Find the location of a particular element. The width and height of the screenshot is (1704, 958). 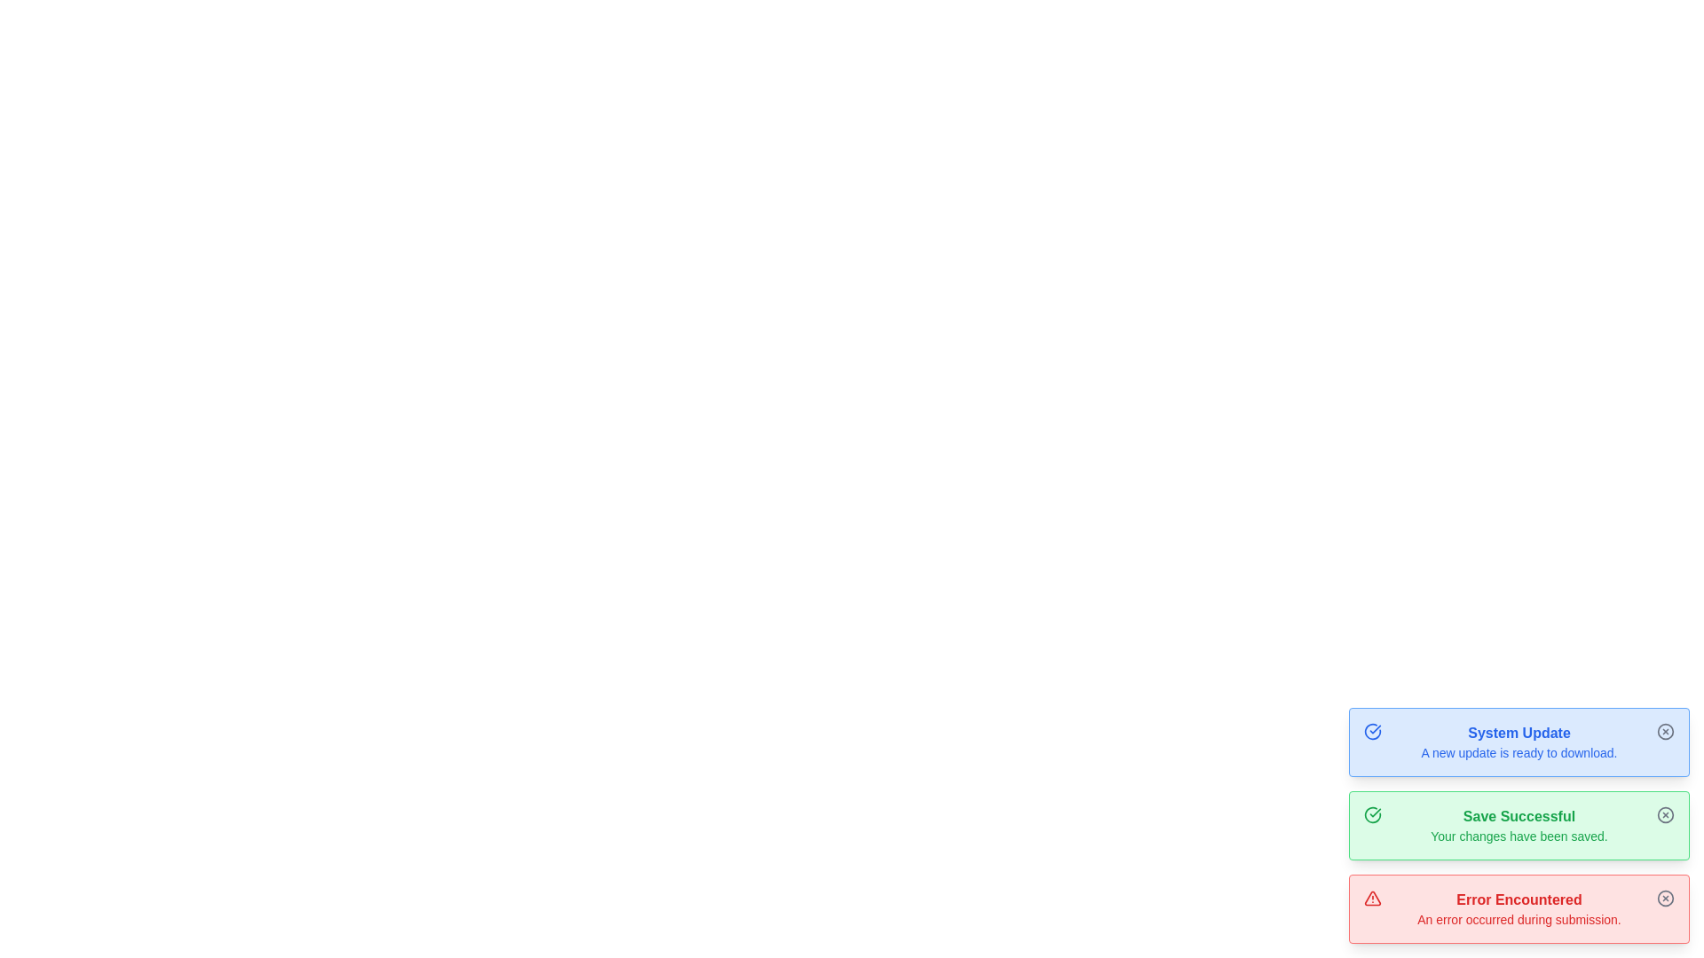

the small circular close icon with a cross symbol located at the top-right corner of the 'System Update' notification card is located at coordinates (1664, 732).